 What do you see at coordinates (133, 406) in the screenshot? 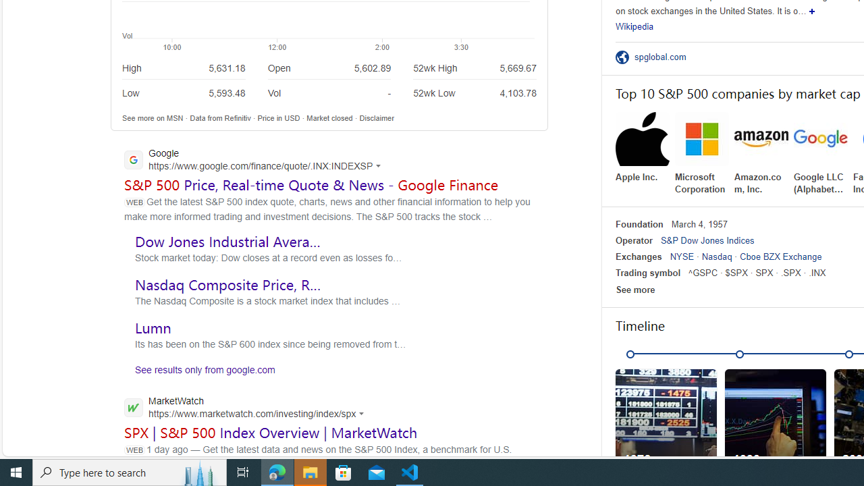
I see `'Global web icon'` at bounding box center [133, 406].